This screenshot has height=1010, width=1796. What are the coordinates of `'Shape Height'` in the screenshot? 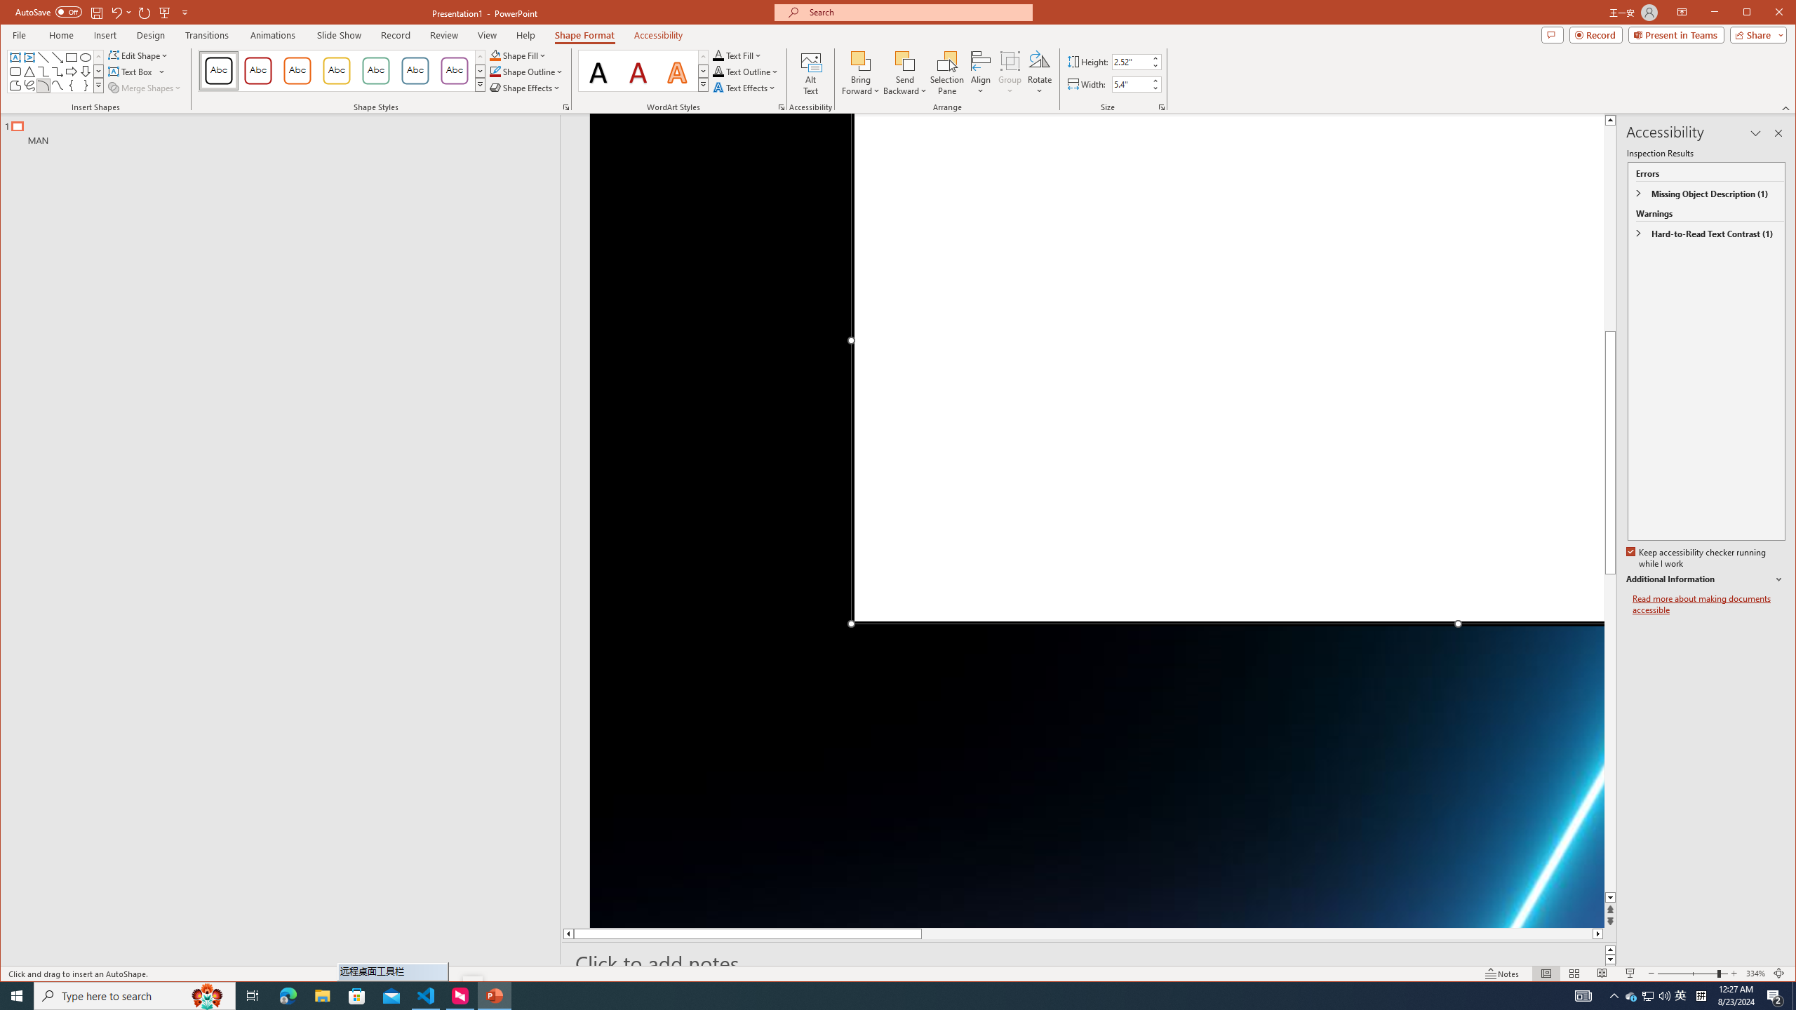 It's located at (1130, 62).